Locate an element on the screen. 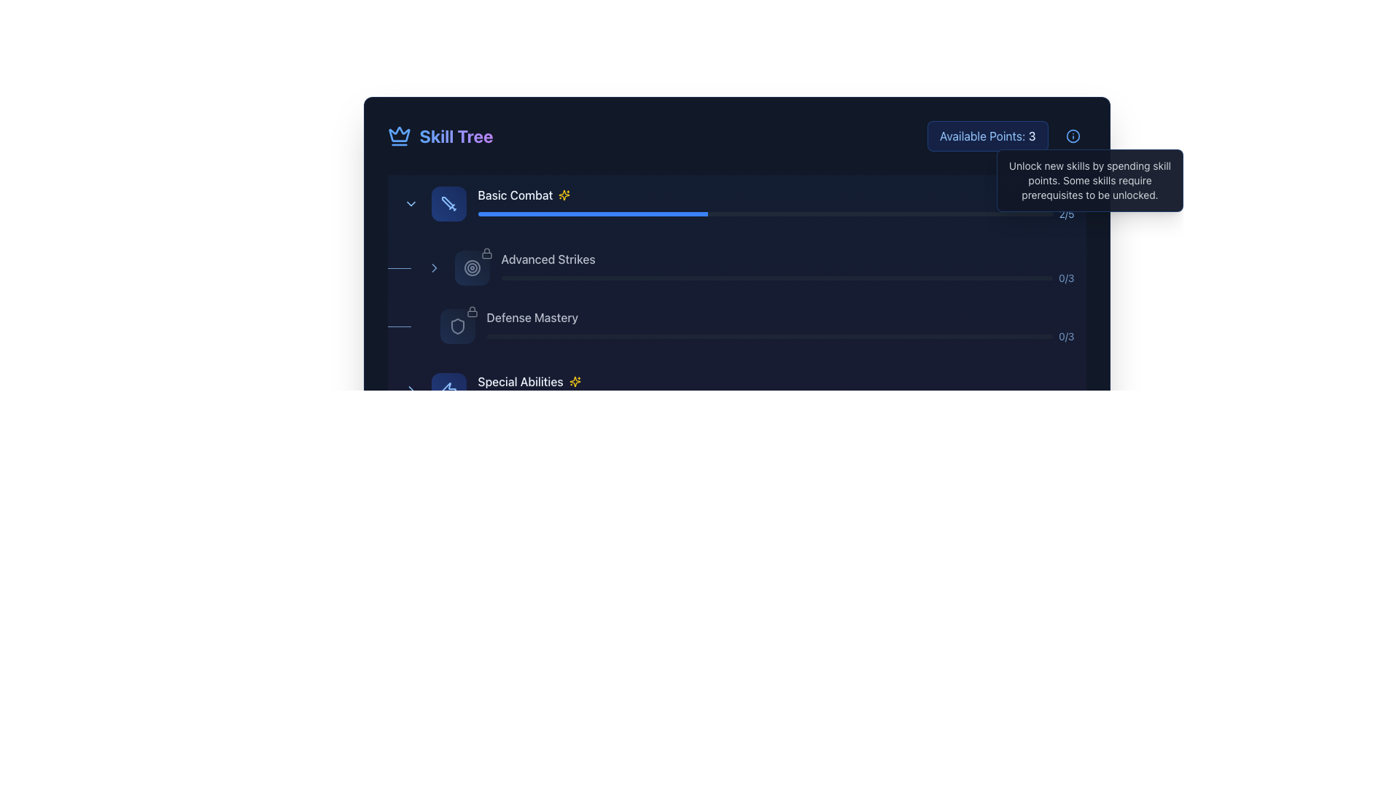 The image size is (1400, 787). numeric text label displaying the available points, which is styled in a medium font weight and light blue color, located to the right of the 'Available Points:' label in the top-right corner of the interface is located at coordinates (1031, 136).